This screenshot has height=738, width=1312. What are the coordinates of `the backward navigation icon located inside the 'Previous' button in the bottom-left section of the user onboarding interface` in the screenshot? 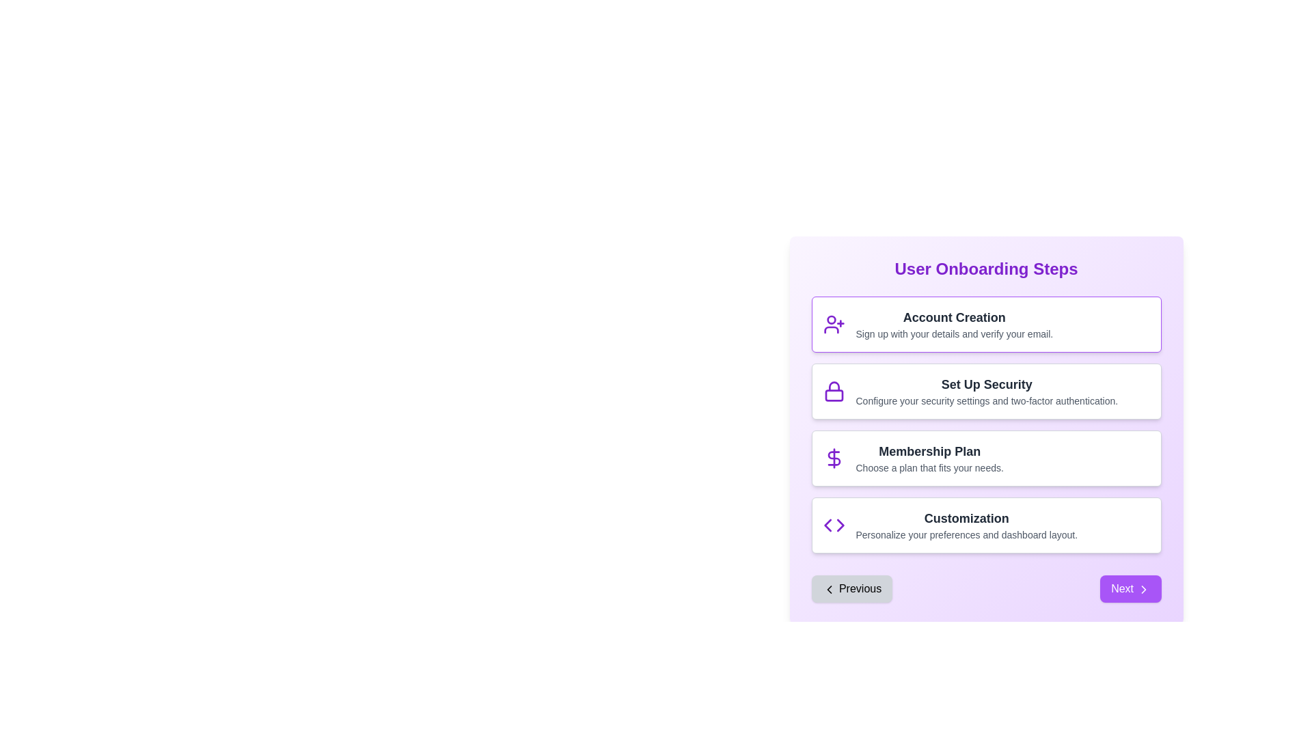 It's located at (828, 588).